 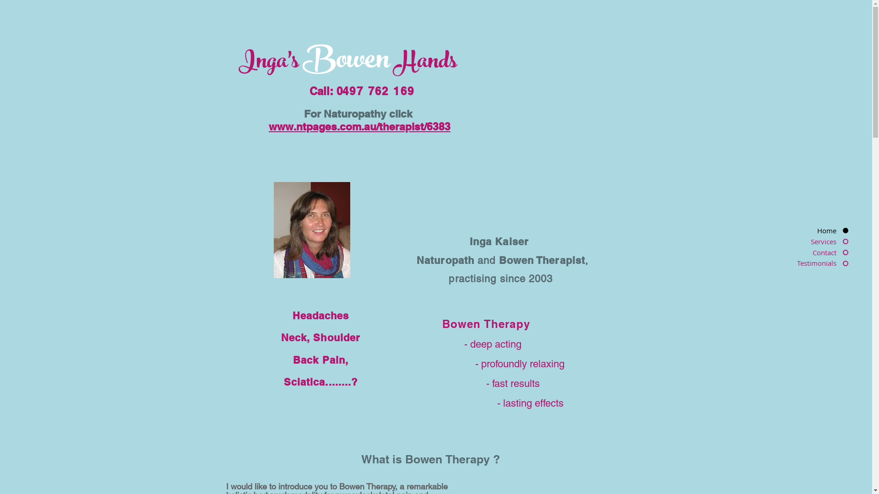 What do you see at coordinates (811, 241) in the screenshot?
I see `'Services'` at bounding box center [811, 241].